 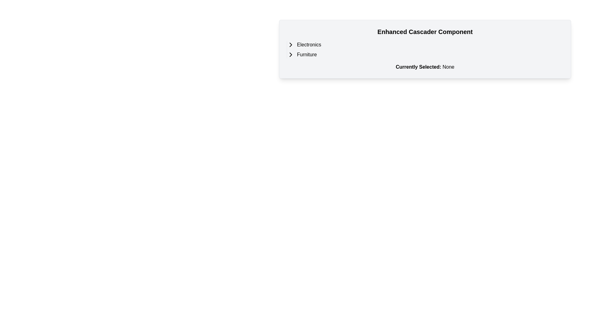 I want to click on the chevron icon next to the 'Electronics' text label, so click(x=291, y=45).